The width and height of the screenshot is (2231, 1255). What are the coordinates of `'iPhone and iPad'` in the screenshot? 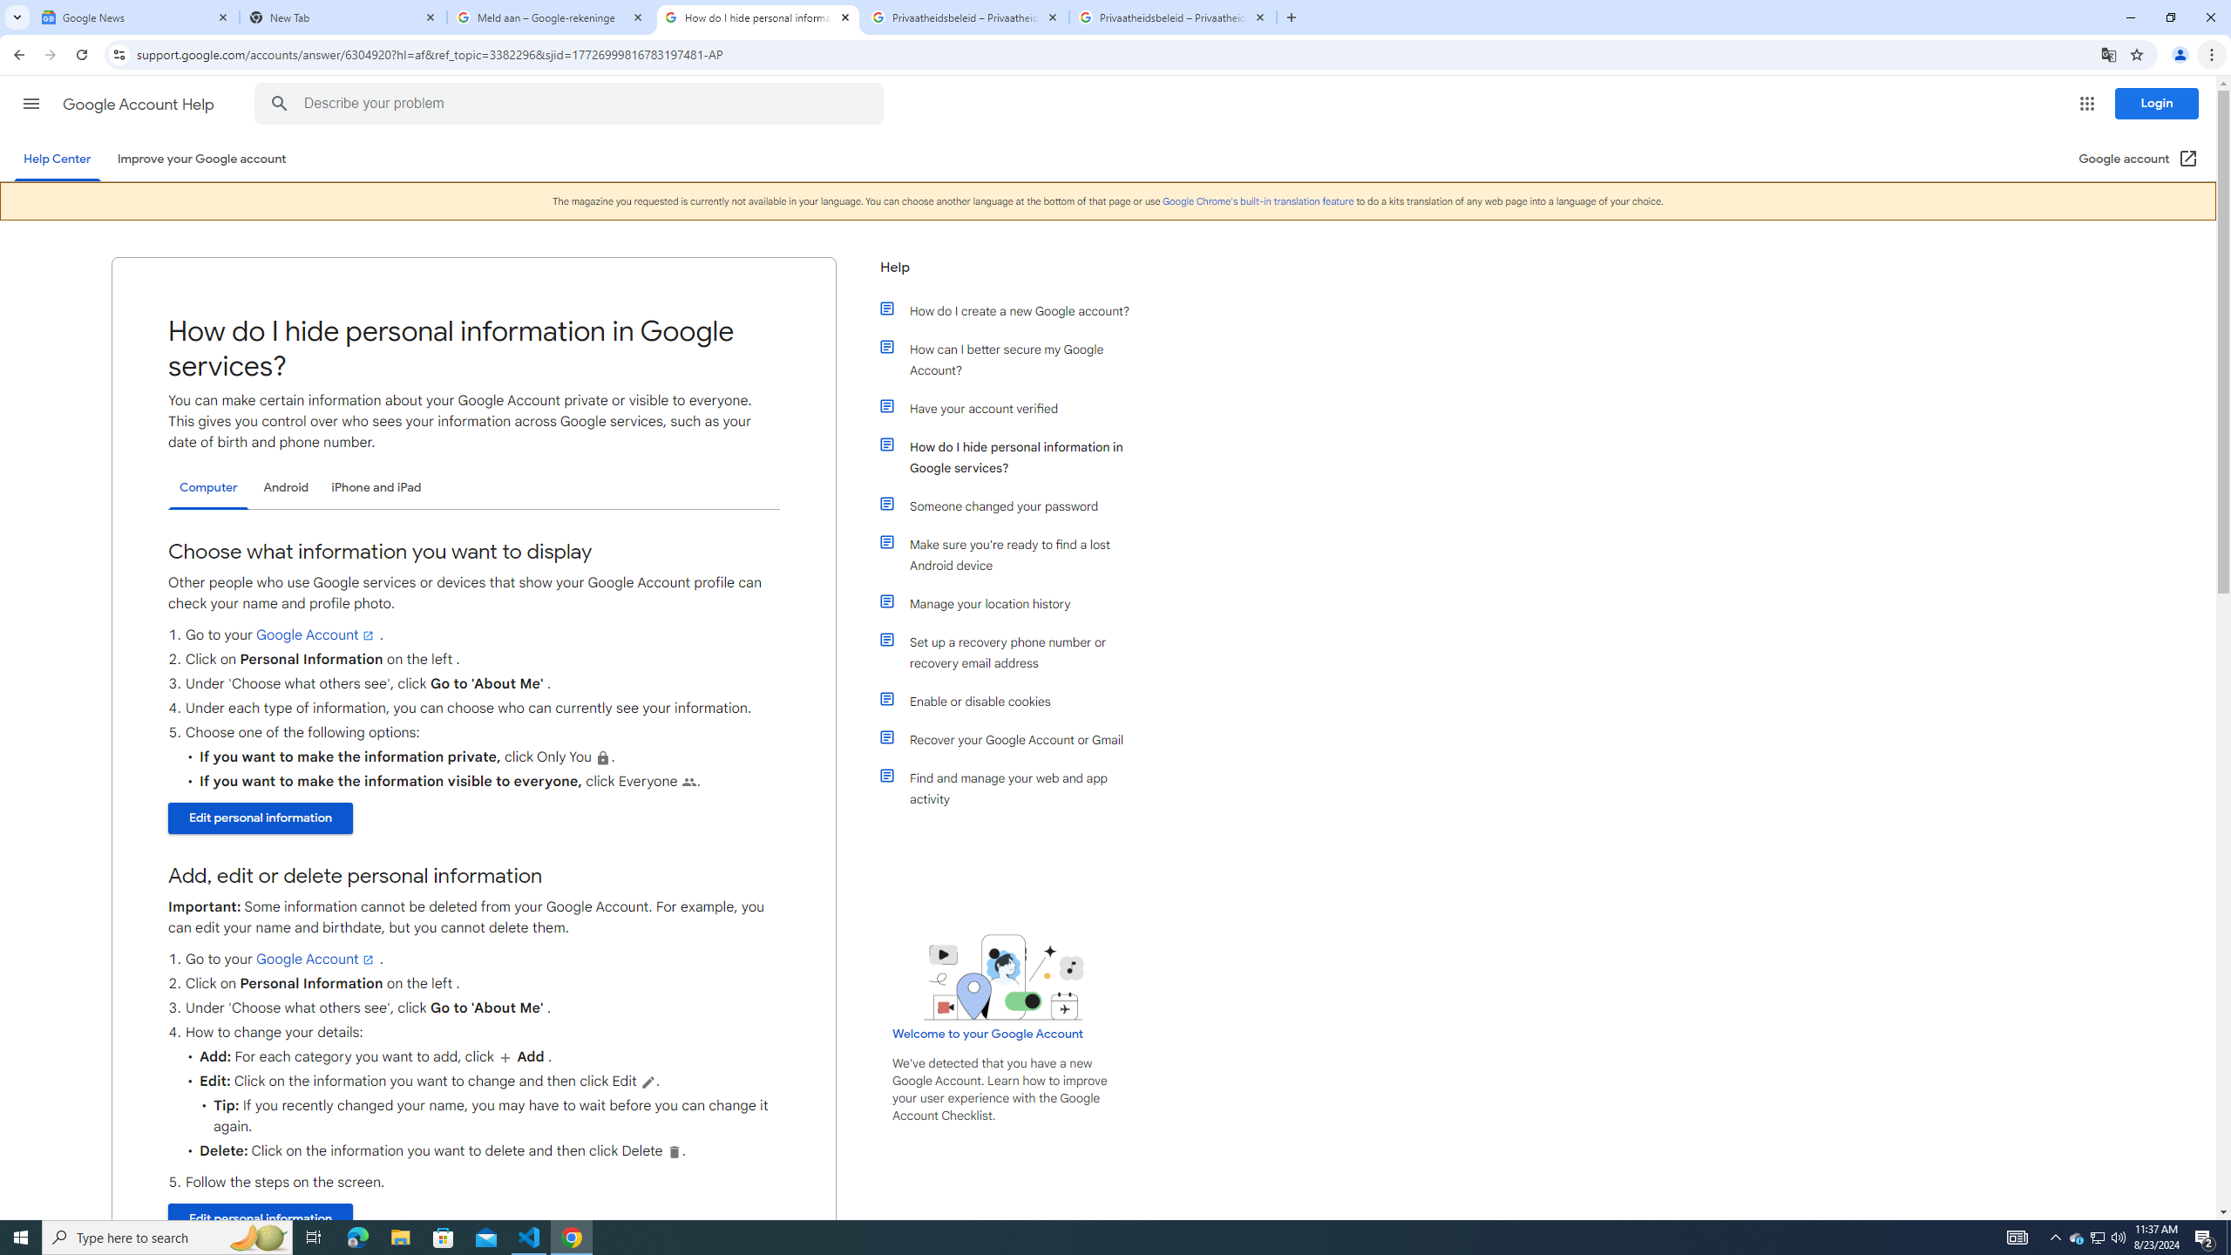 It's located at (376, 487).